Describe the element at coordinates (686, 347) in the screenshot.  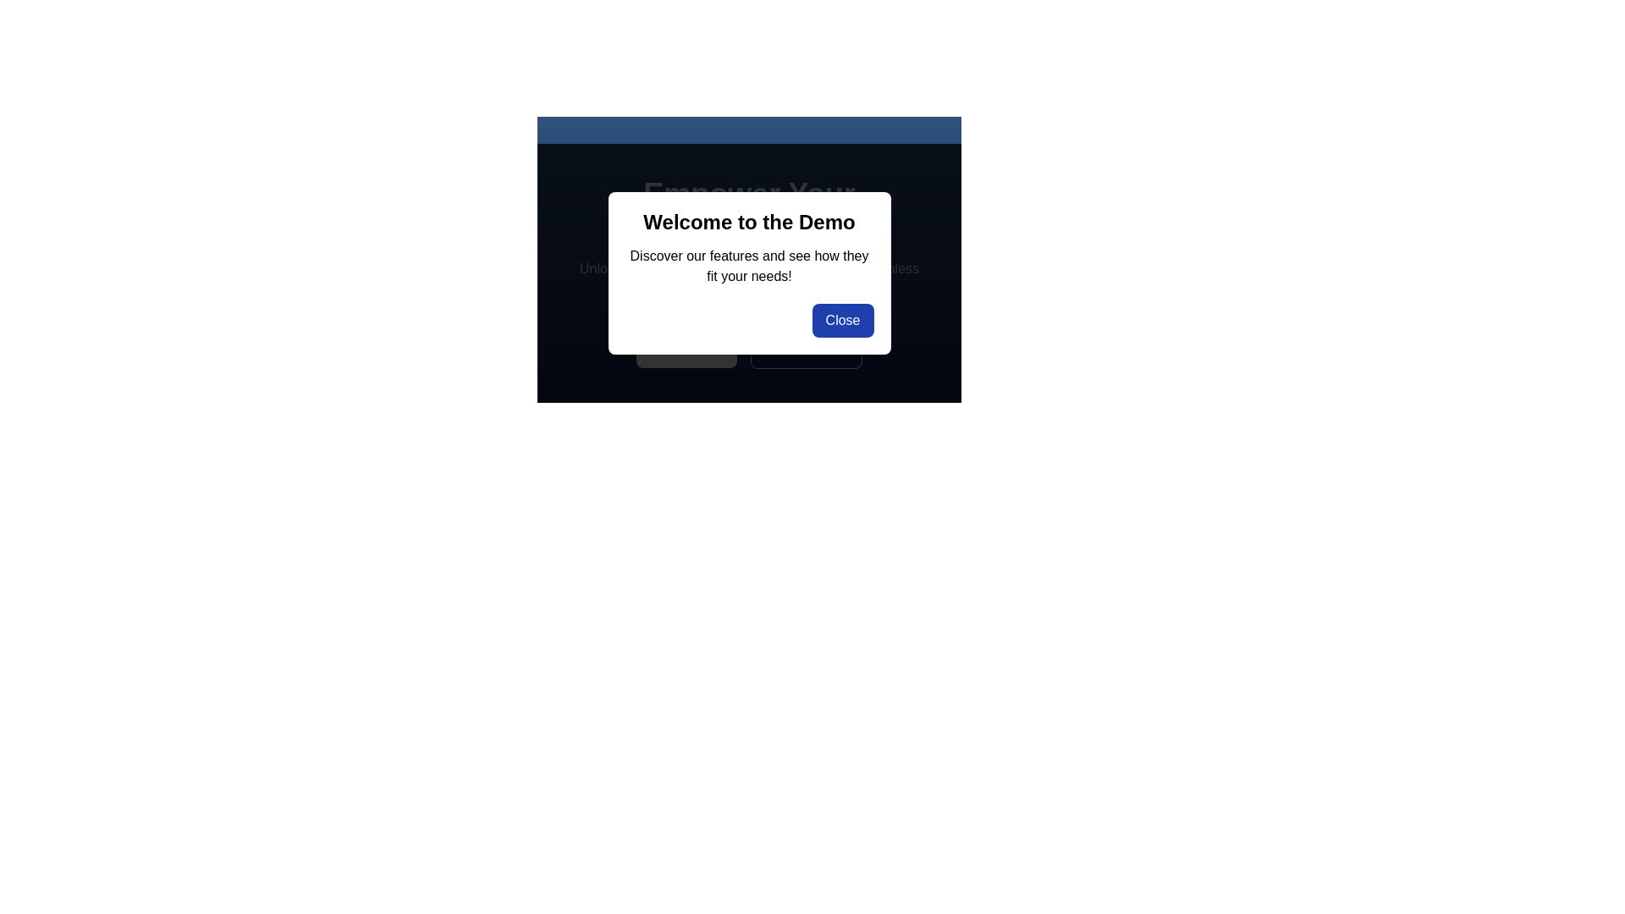
I see `the primary call-to-action button located slightly to the right of the center of the modal dialog box` at that location.